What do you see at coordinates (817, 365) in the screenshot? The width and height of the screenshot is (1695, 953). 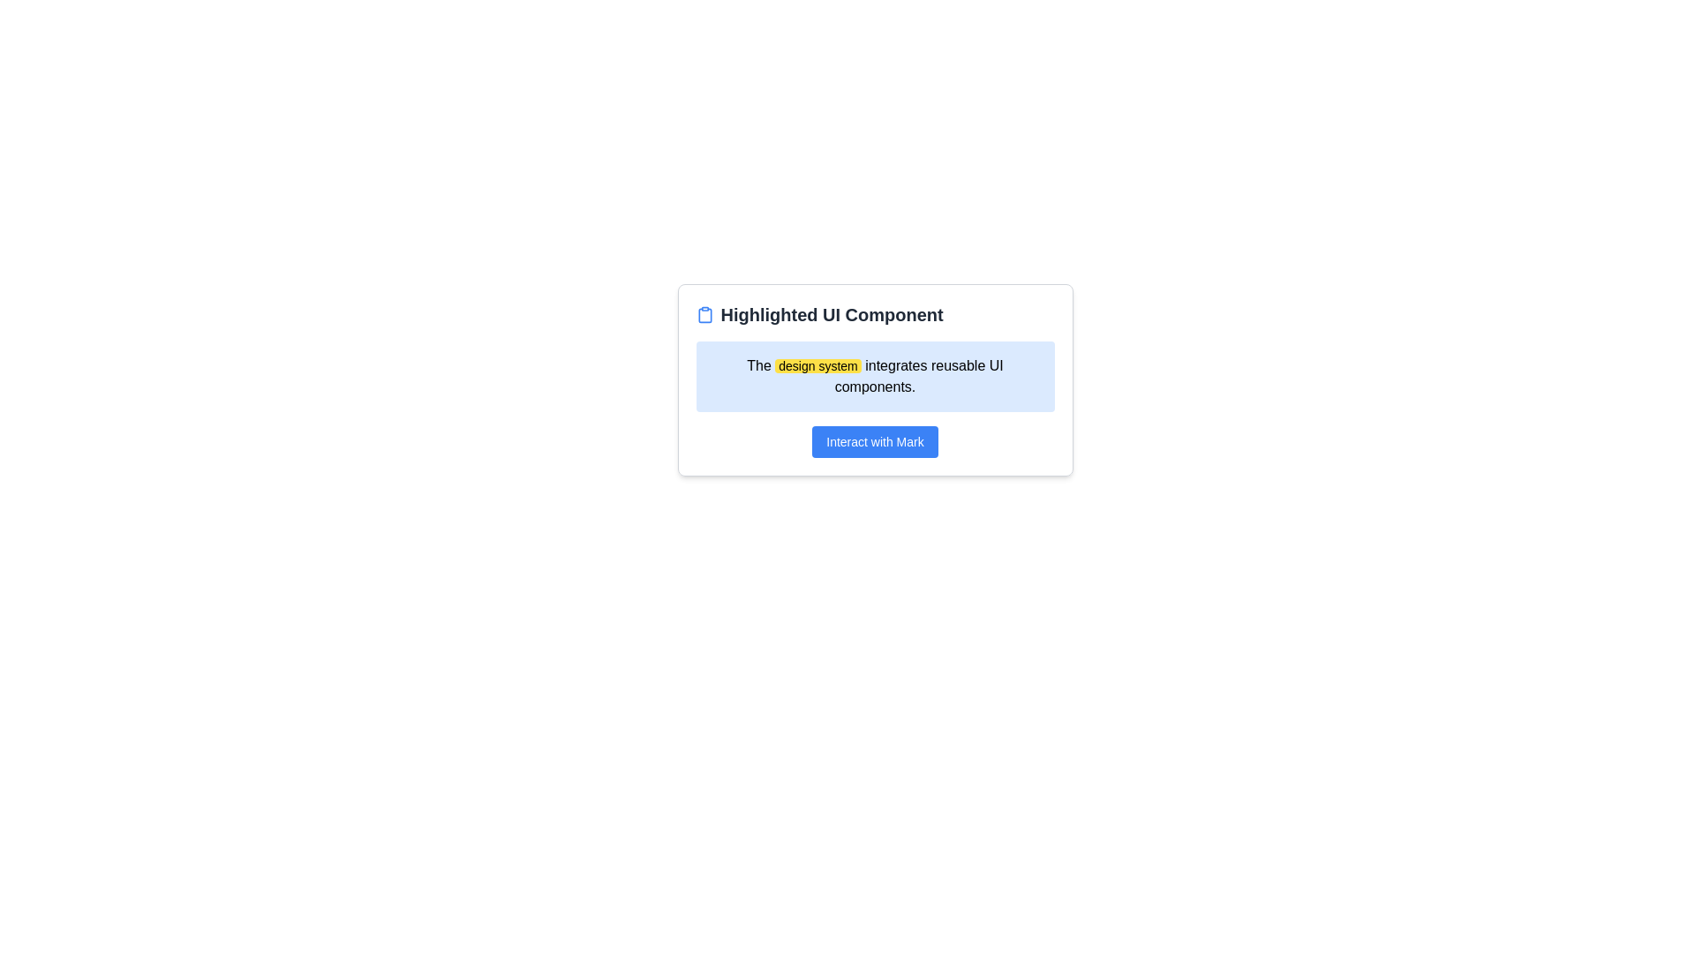 I see `the distinct styled text label that highlights 'design system' within the sentence 'The design system integrates reusable UI components.'` at bounding box center [817, 365].